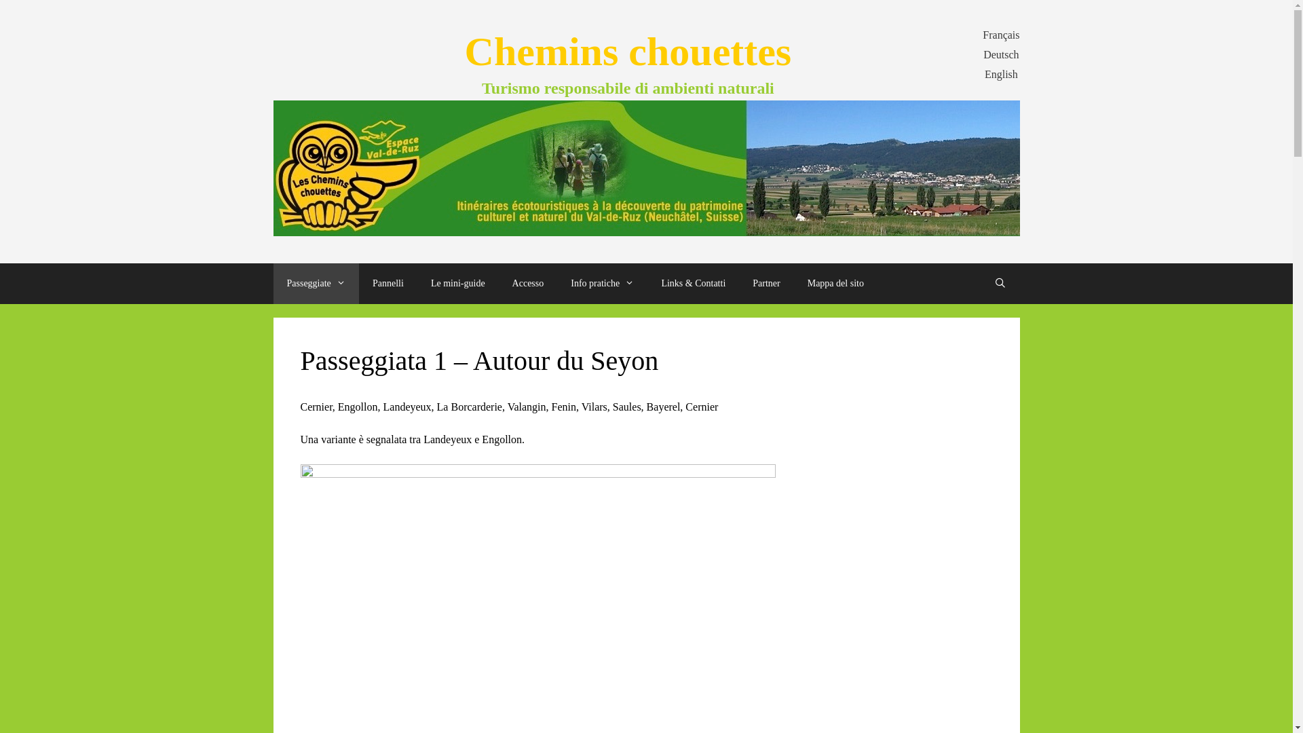  I want to click on 'Partner', so click(738, 282).